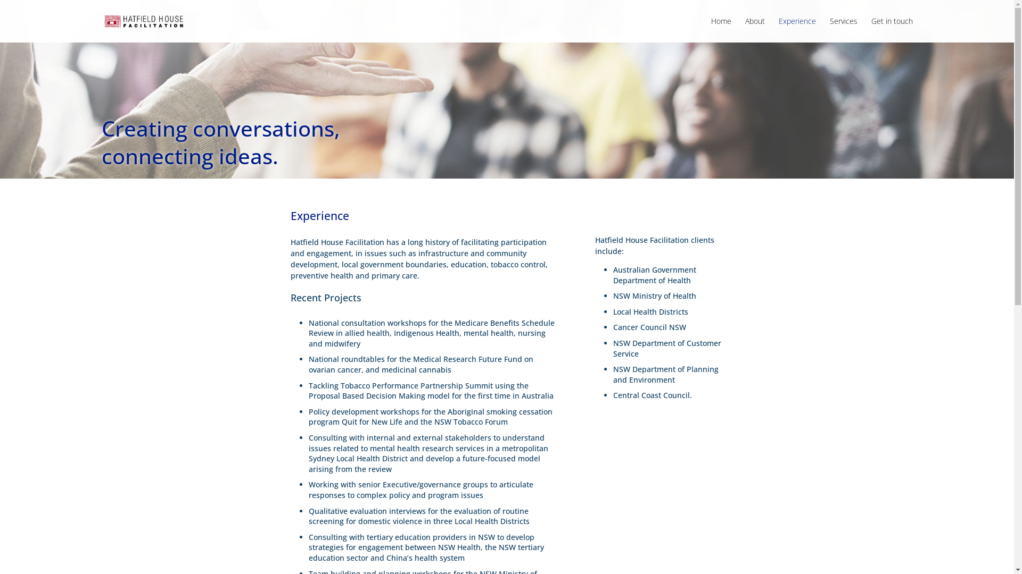 The image size is (1022, 574). Describe the element at coordinates (892, 29) in the screenshot. I see `'Get in touch'` at that location.